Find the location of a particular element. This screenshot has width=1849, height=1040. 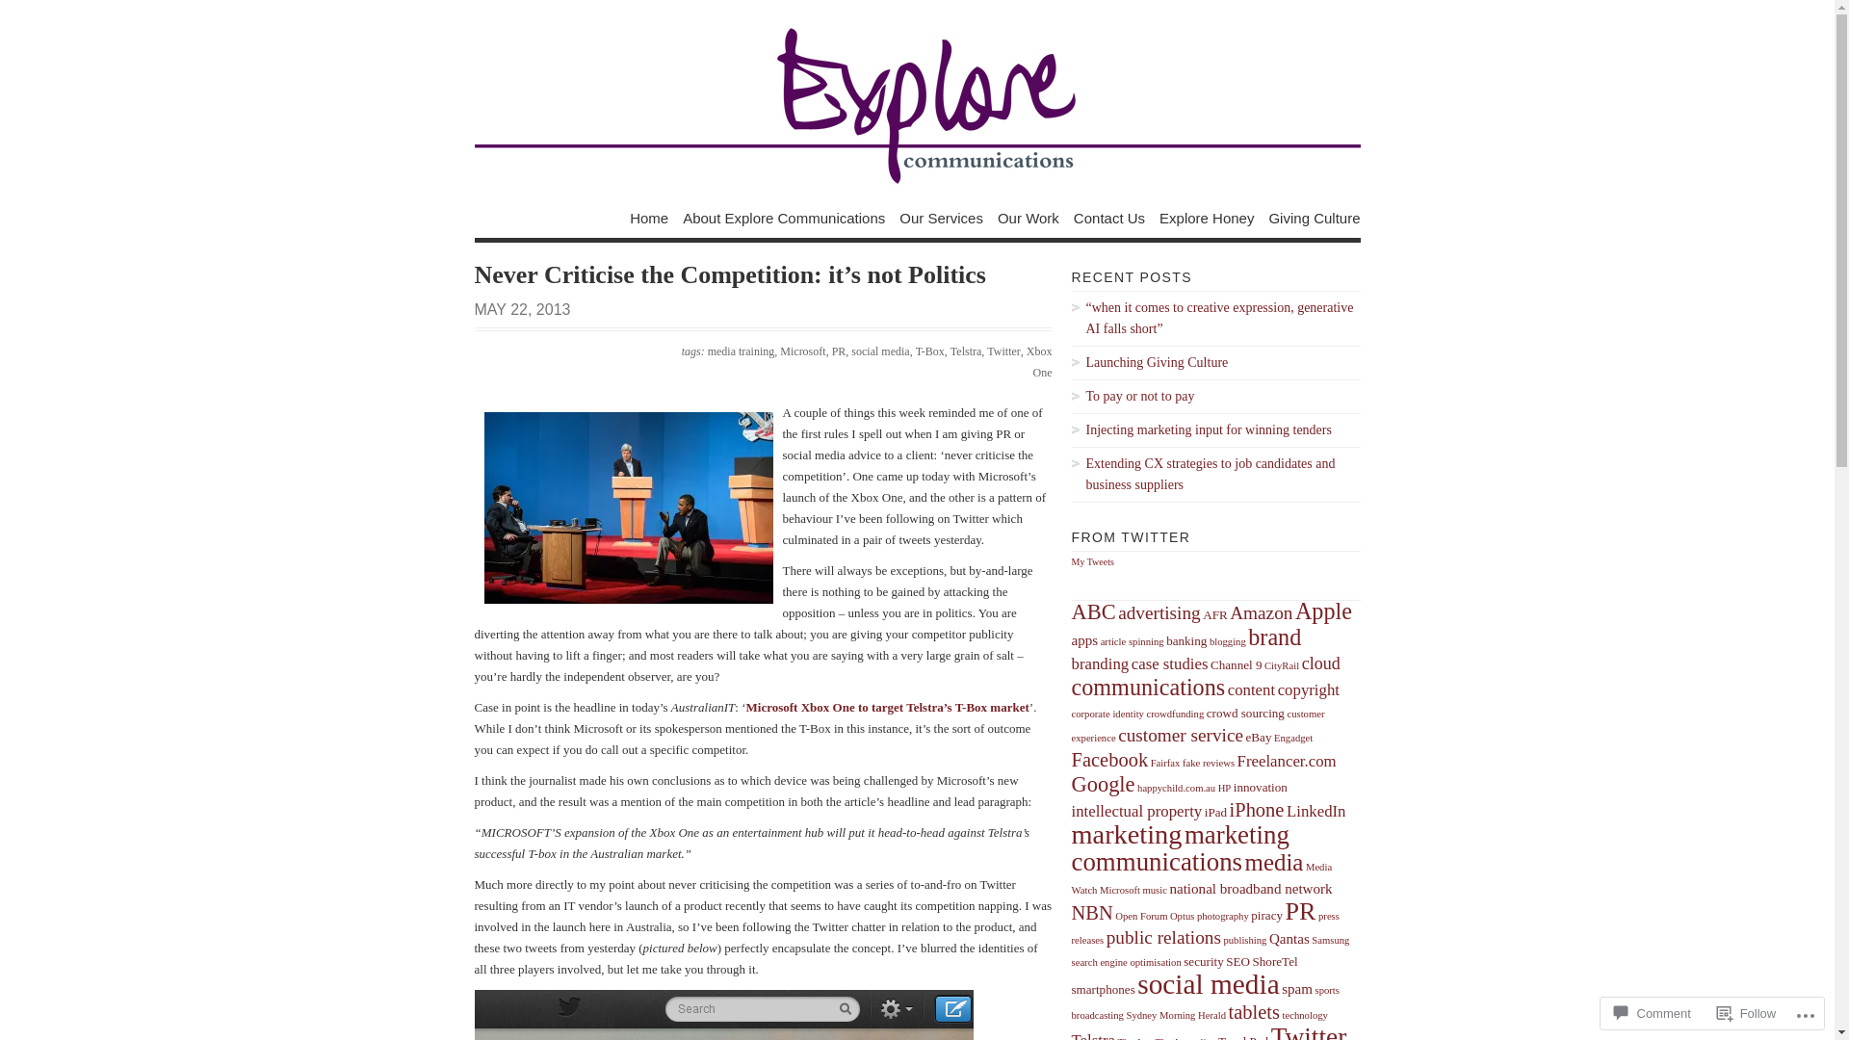

'customer experience' is located at coordinates (1196, 725).